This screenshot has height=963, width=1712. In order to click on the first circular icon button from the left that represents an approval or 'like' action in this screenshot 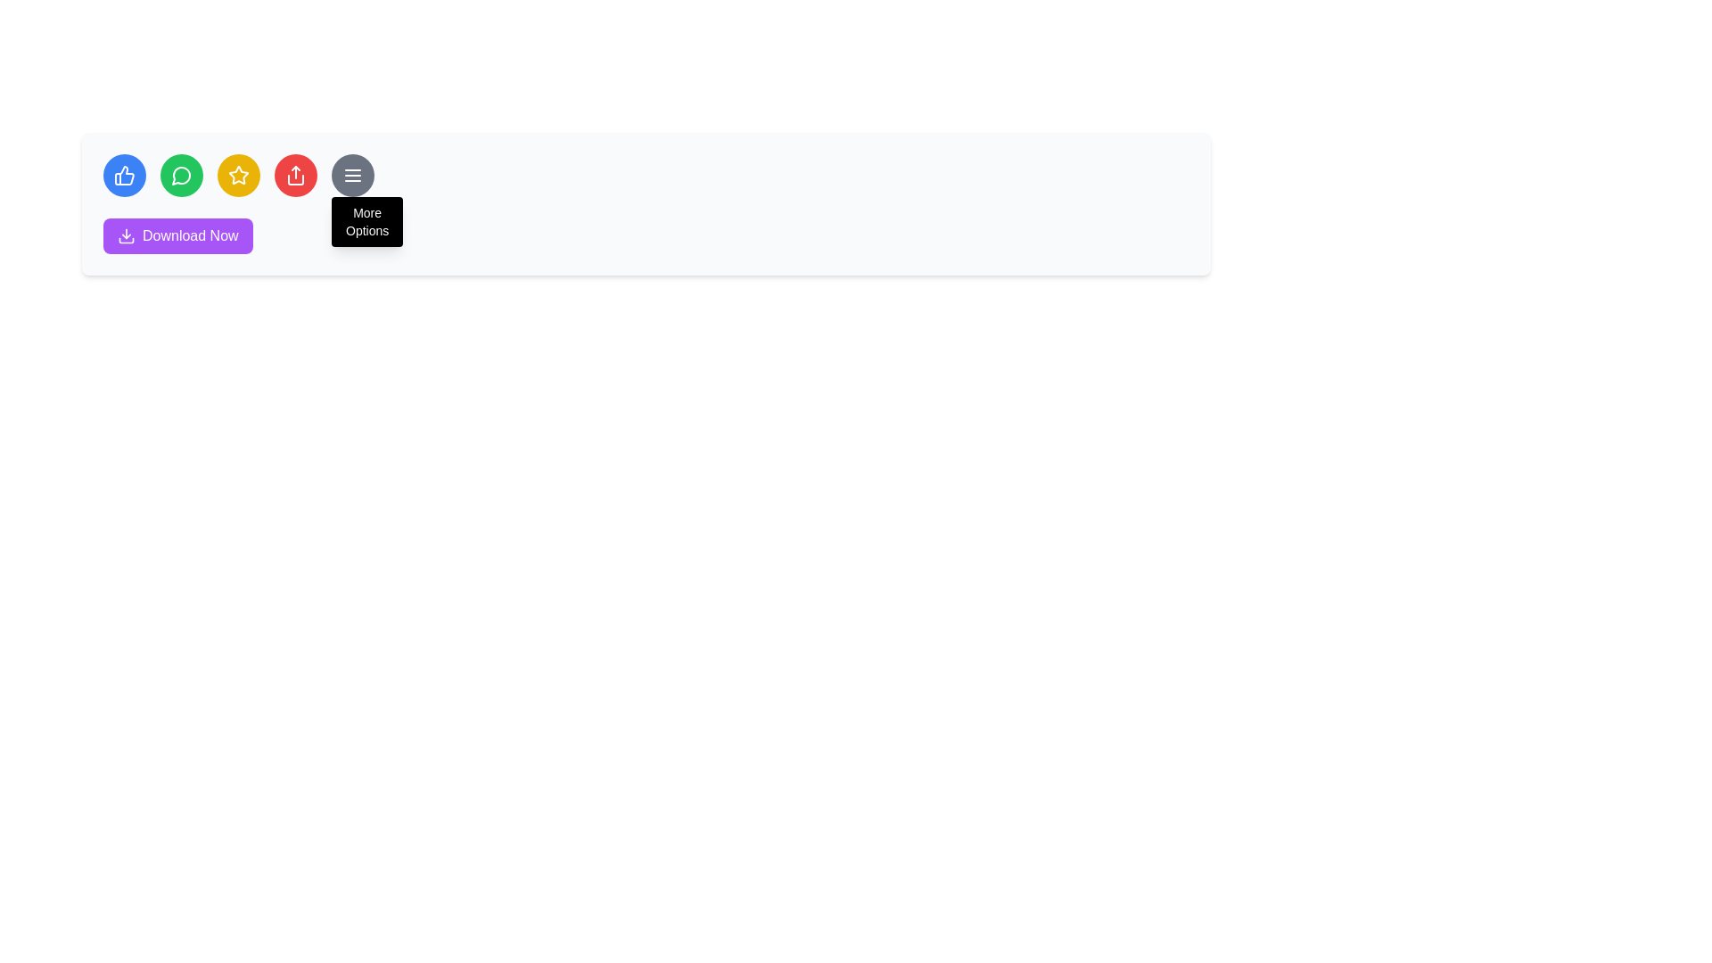, I will do `click(123, 175)`.